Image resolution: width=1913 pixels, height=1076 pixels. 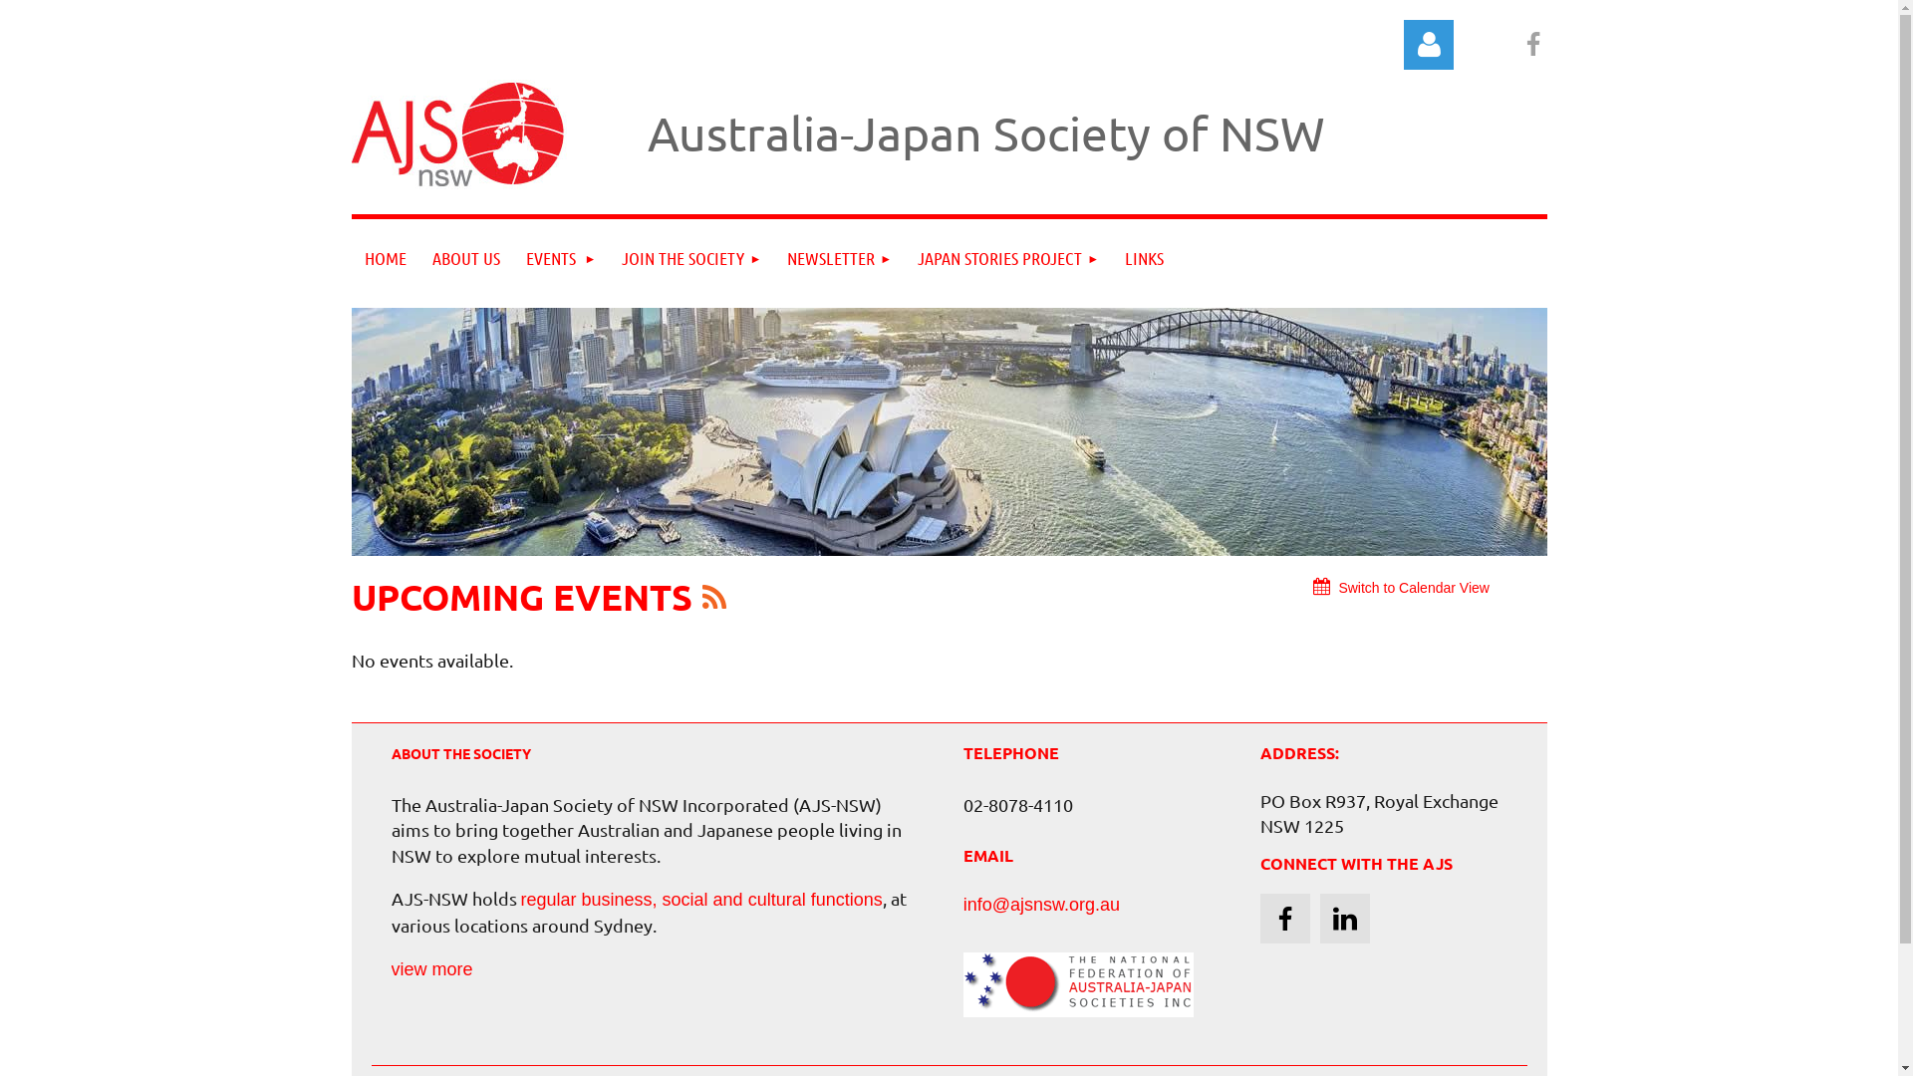 I want to click on 'JAPAN STORIES PROJECT', so click(x=1008, y=257).